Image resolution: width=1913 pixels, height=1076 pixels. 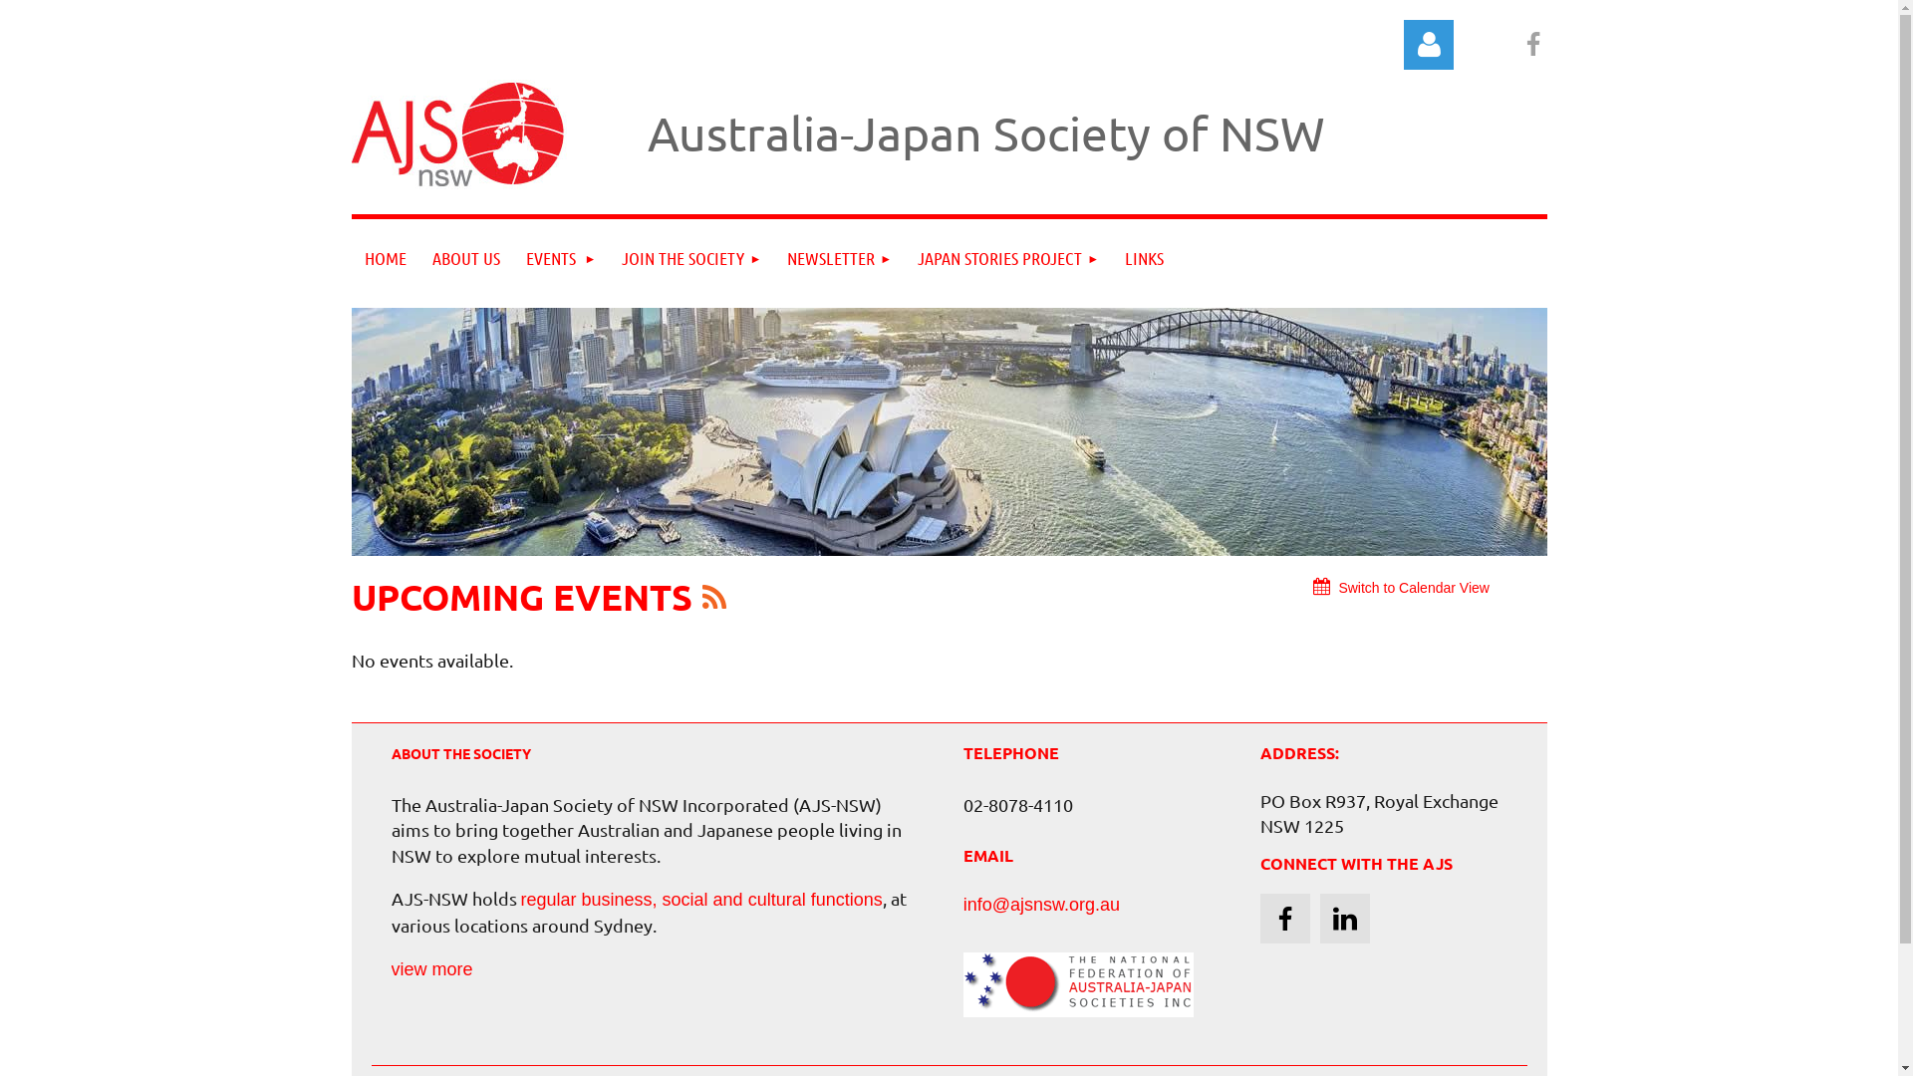 I want to click on 'JAPAN STORIES PROJECT', so click(x=1008, y=257).